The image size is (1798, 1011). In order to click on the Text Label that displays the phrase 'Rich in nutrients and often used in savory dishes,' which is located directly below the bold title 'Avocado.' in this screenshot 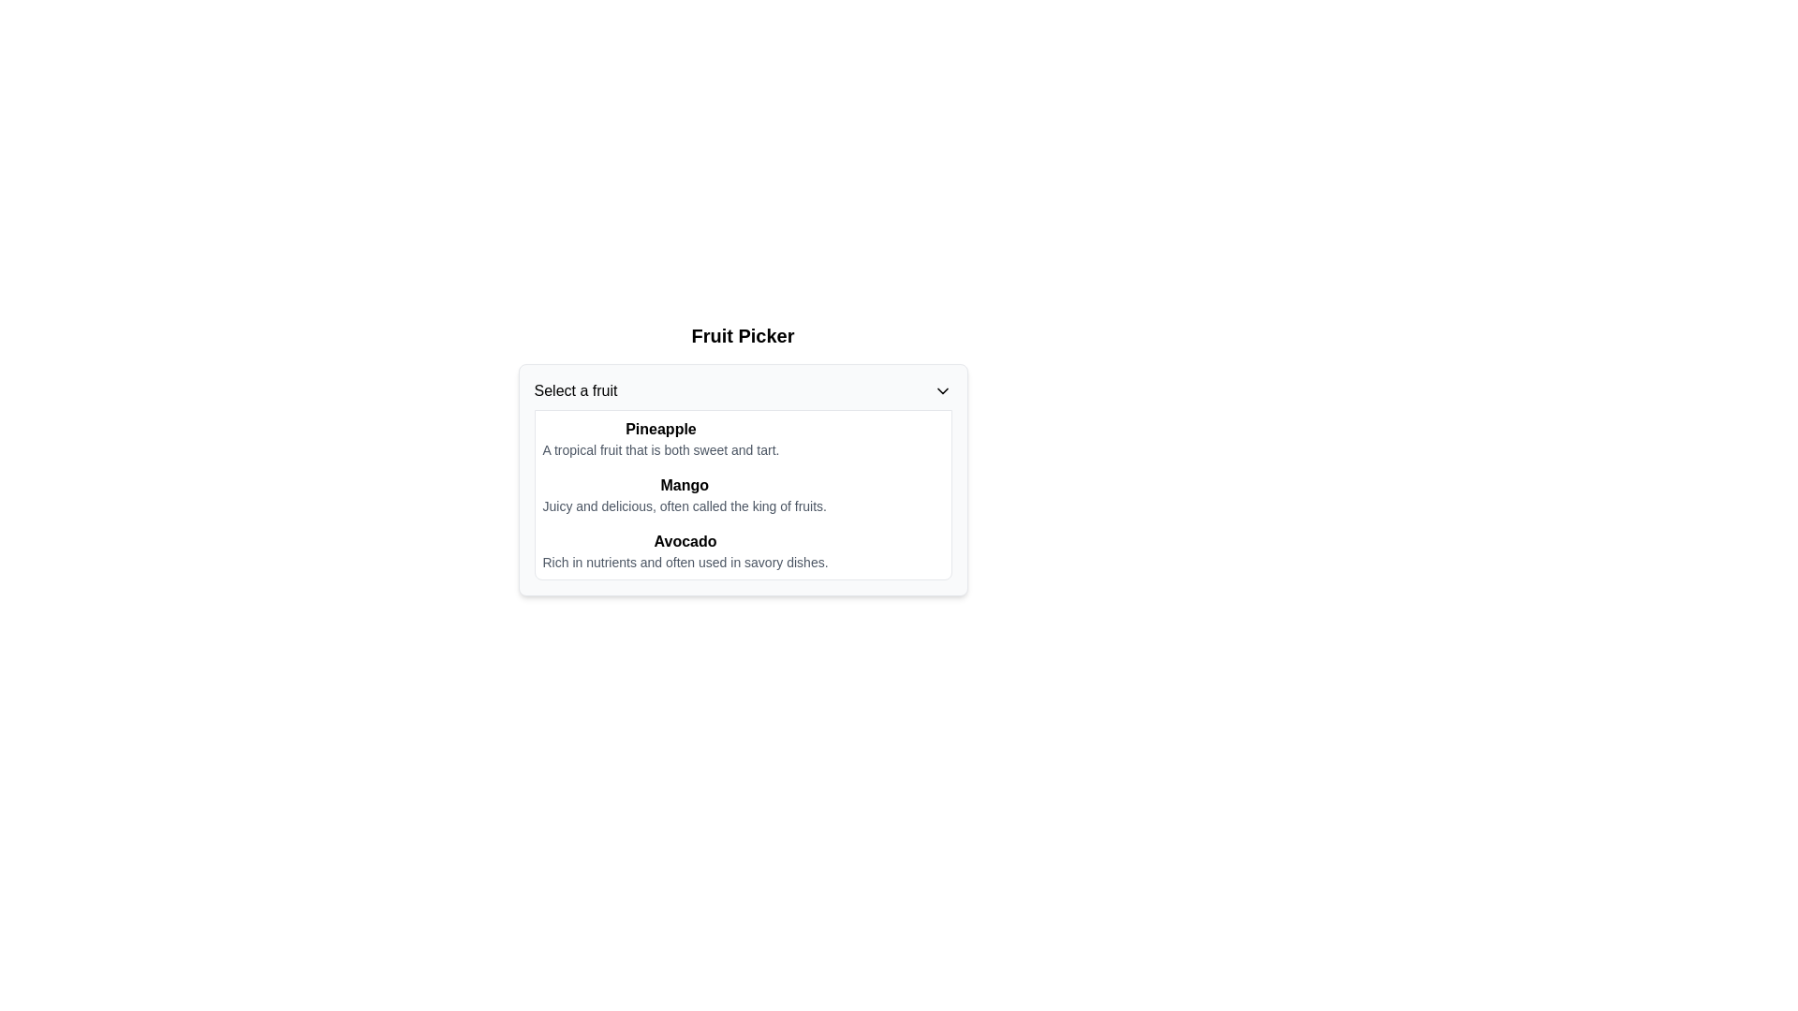, I will do `click(685, 562)`.